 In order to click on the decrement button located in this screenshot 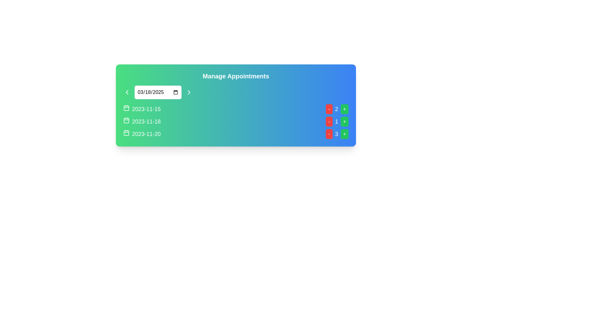, I will do `click(329, 121)`.